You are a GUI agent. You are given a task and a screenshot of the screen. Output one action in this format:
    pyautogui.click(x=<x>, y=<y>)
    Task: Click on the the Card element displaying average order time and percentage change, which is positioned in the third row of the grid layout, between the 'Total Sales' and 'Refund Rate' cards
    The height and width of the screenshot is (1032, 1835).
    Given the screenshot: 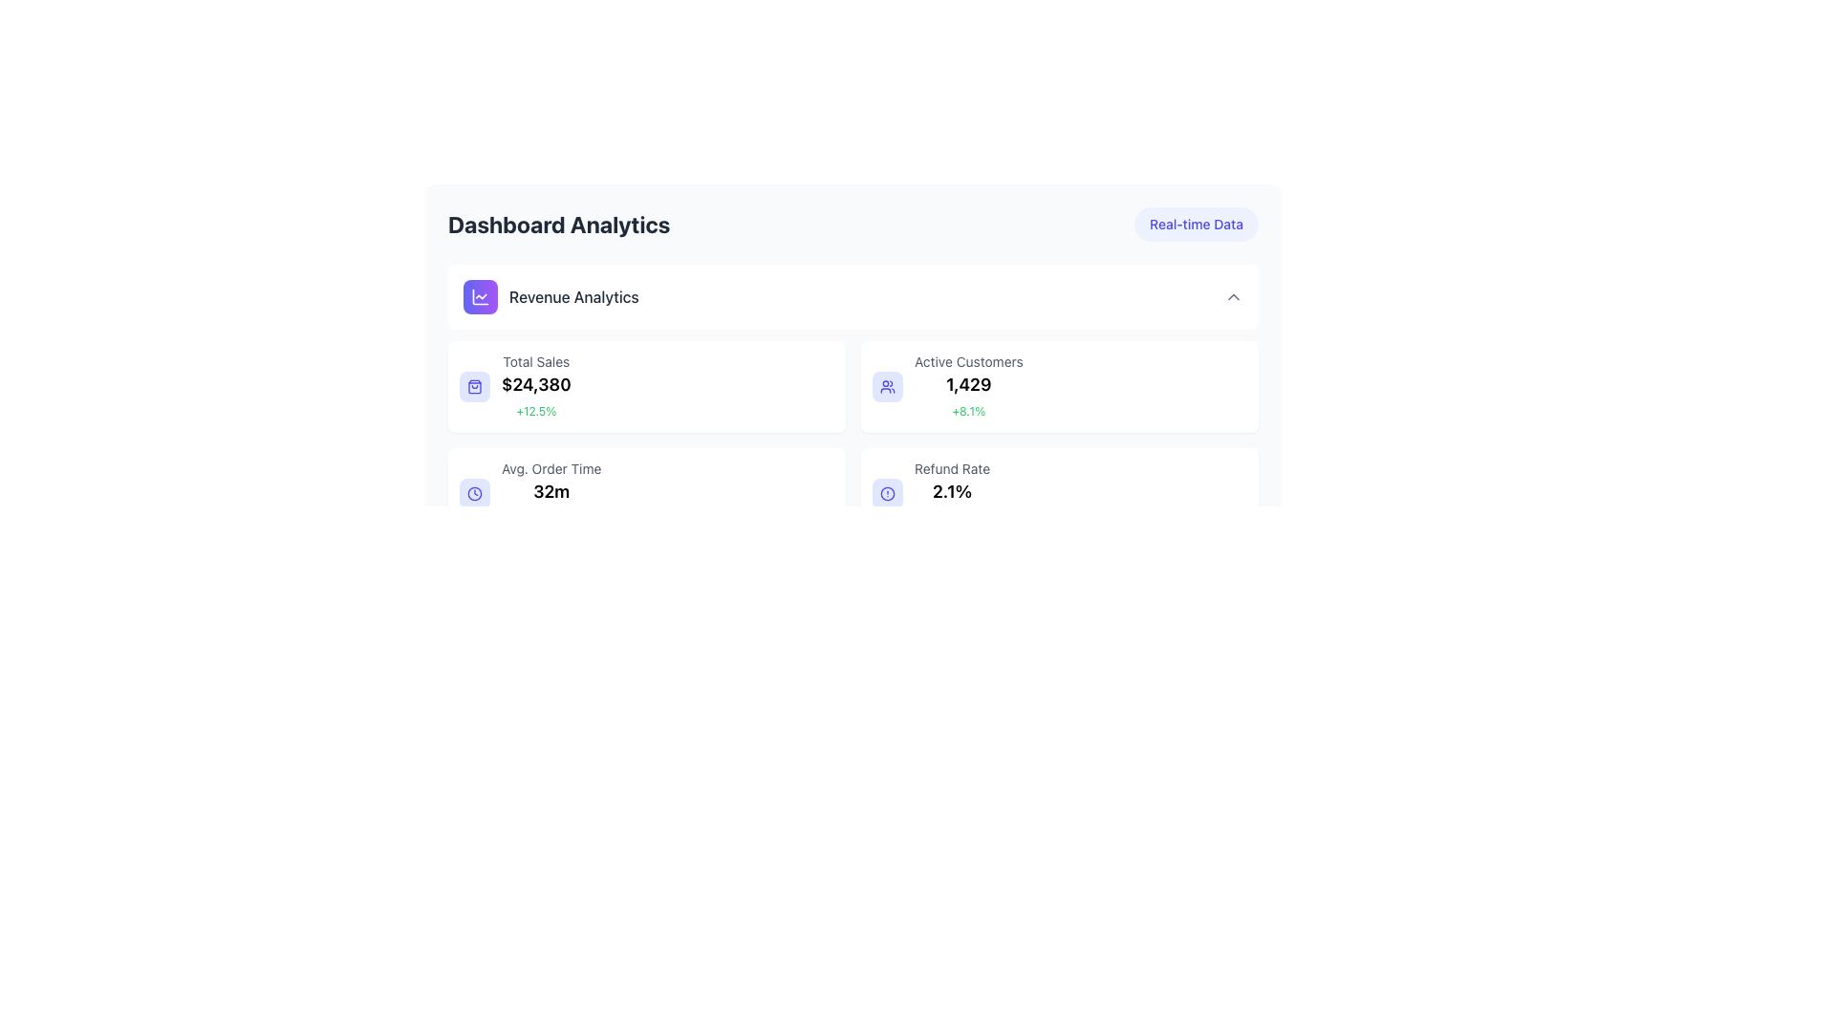 What is the action you would take?
    pyautogui.click(x=646, y=492)
    